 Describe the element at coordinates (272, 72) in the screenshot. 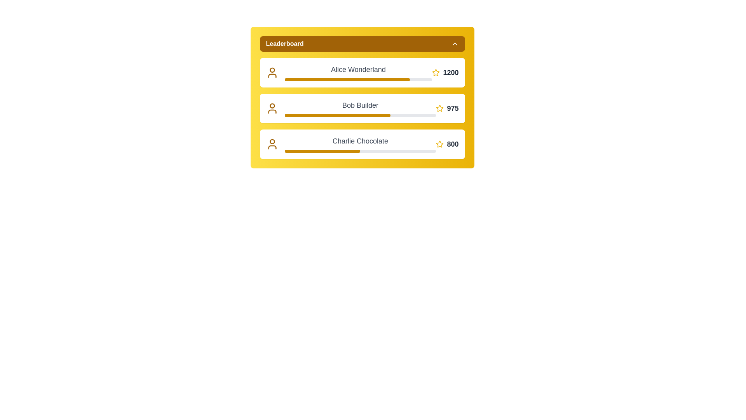

I see `the user profile icon representing 'Alice Wonderland' in the leaderboard, which is the leftmost component of the first entry showing '1200' points` at that location.